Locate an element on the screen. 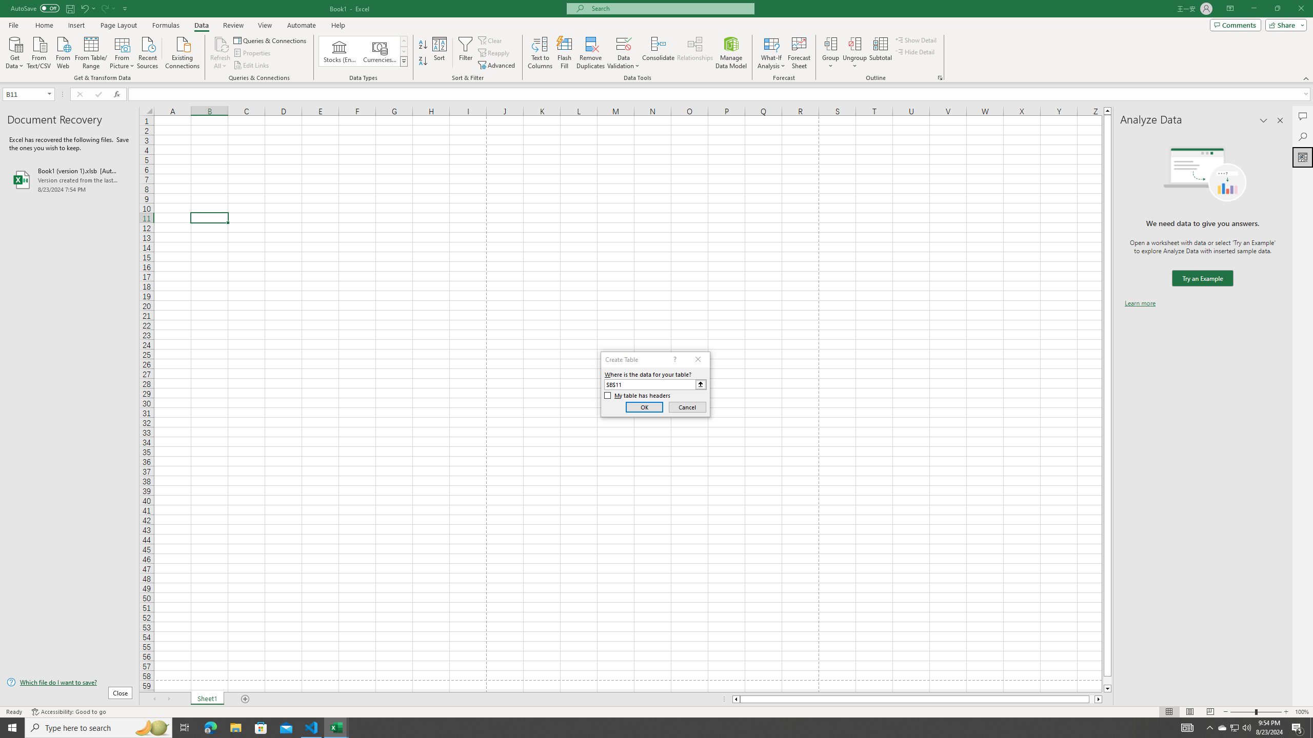 This screenshot has width=1313, height=738. 'Page Break Preview' is located at coordinates (1210, 712).